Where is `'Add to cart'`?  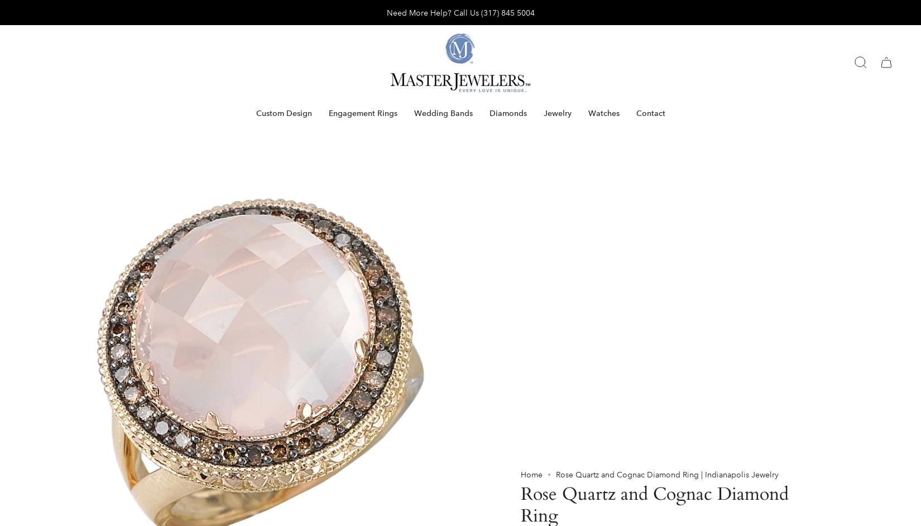 'Add to cart' is located at coordinates (709, 130).